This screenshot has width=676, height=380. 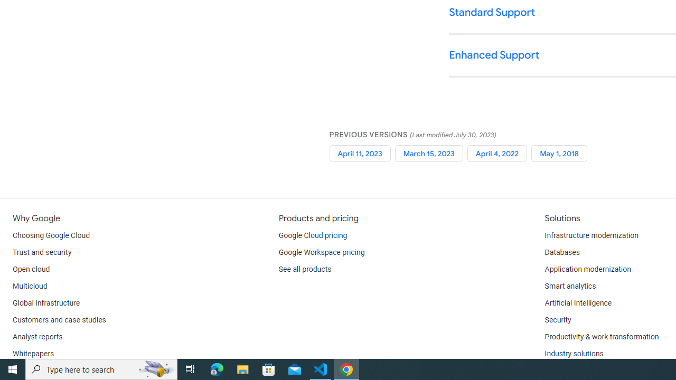 What do you see at coordinates (31, 269) in the screenshot?
I see `'Open cloud'` at bounding box center [31, 269].